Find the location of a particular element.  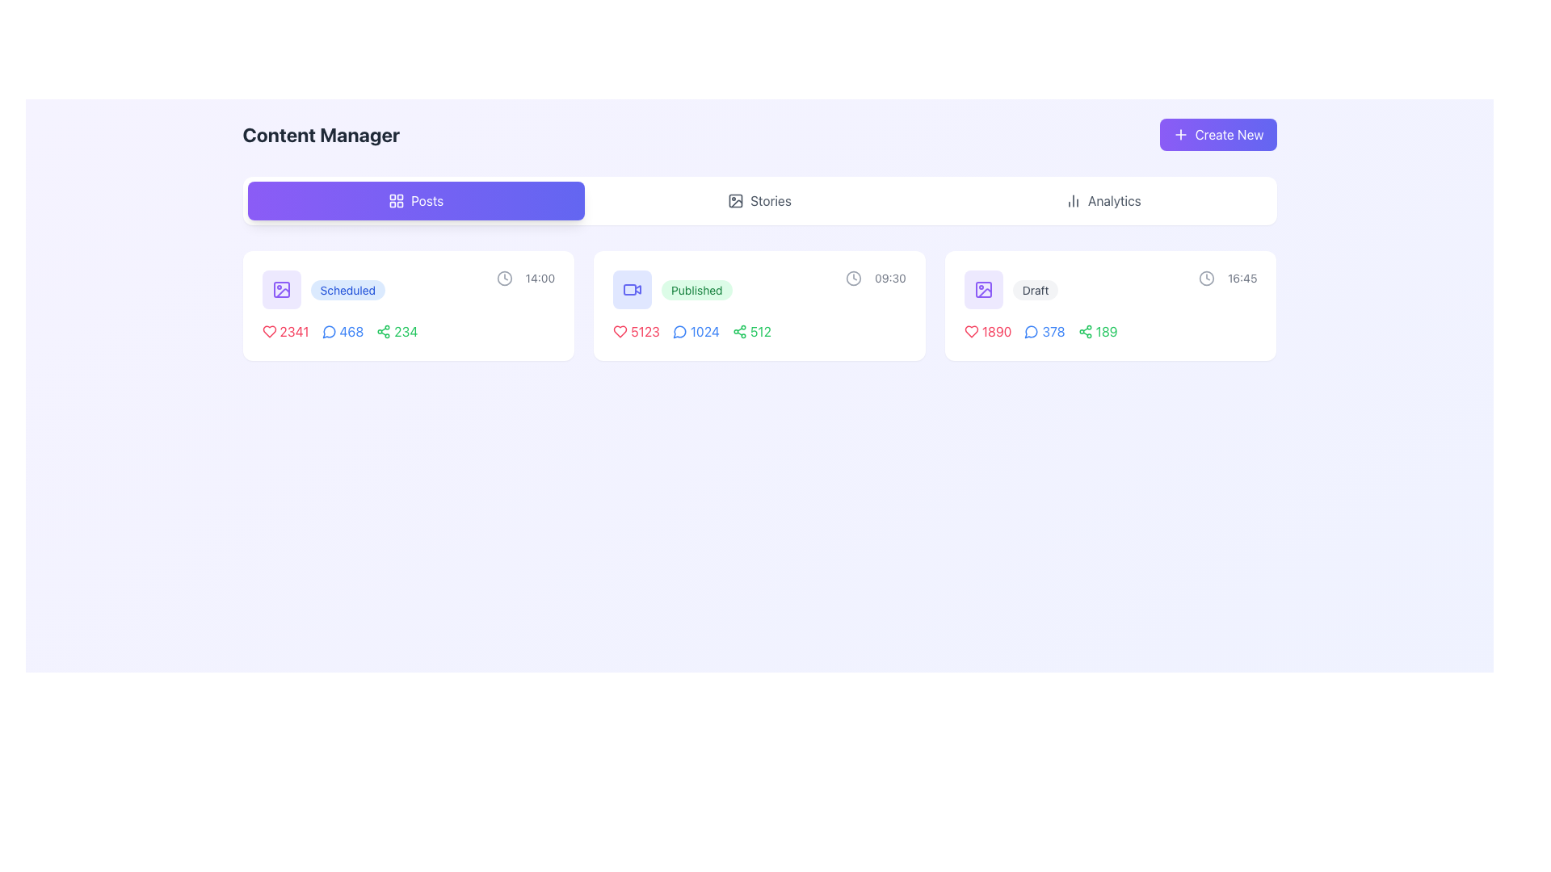

the circular outline within the clock icon located on the right side of the 'Published' card is located at coordinates (853, 277).